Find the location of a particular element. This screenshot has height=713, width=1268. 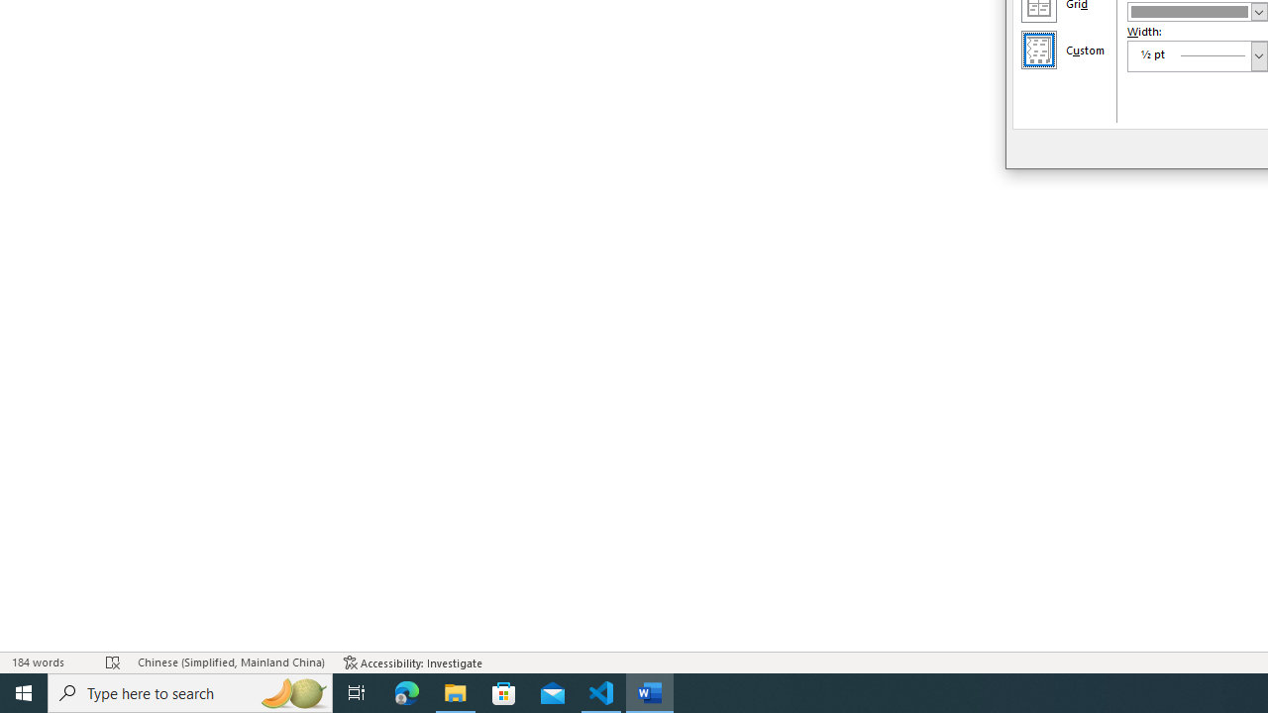

'Start' is located at coordinates (24, 691).